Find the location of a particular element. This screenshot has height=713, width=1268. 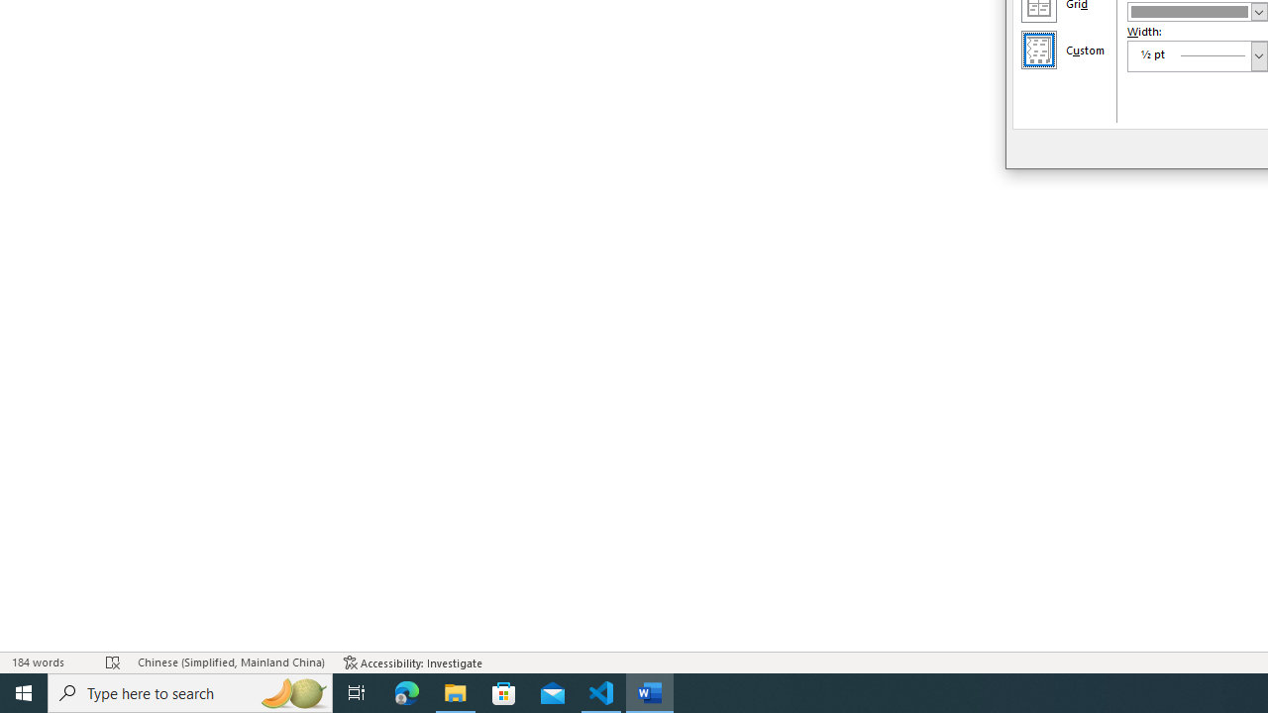

'Start' is located at coordinates (24, 691).